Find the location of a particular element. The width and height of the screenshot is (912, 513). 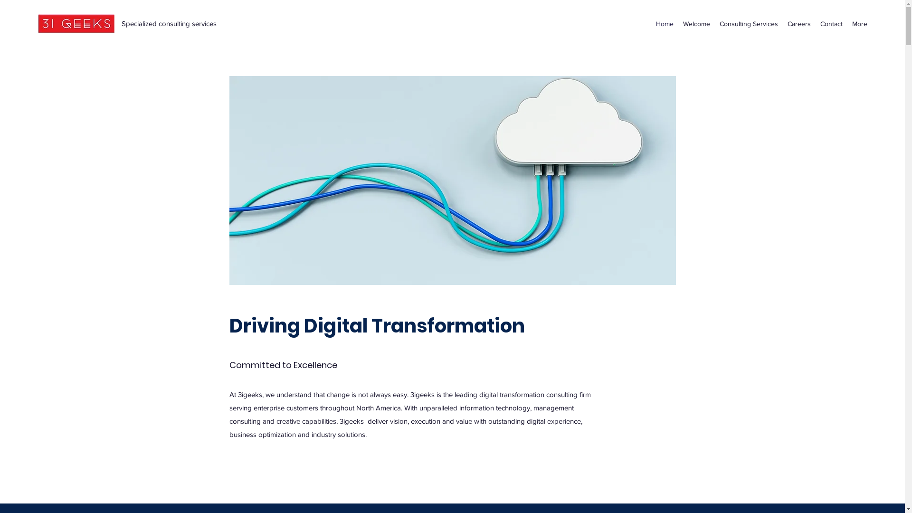

'Welcome' is located at coordinates (696, 23).